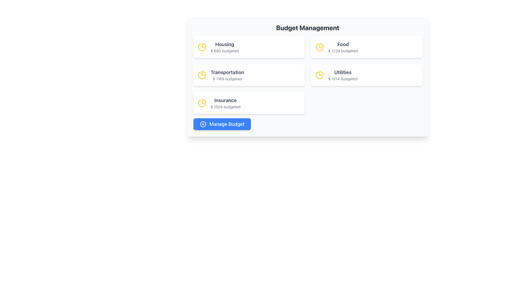 Image resolution: width=518 pixels, height=291 pixels. What do you see at coordinates (203, 124) in the screenshot?
I see `the circular outline of the icon within the 'Manage Budget' button located at the bottom-left corner of the interface` at bounding box center [203, 124].